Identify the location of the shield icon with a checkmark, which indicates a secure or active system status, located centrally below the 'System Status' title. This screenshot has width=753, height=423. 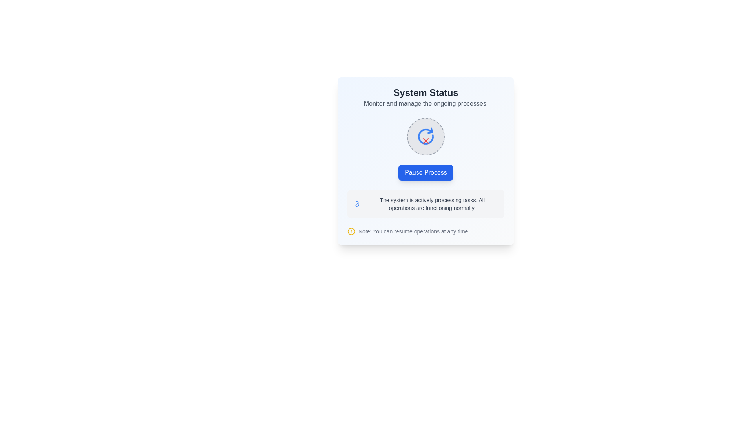
(356, 203).